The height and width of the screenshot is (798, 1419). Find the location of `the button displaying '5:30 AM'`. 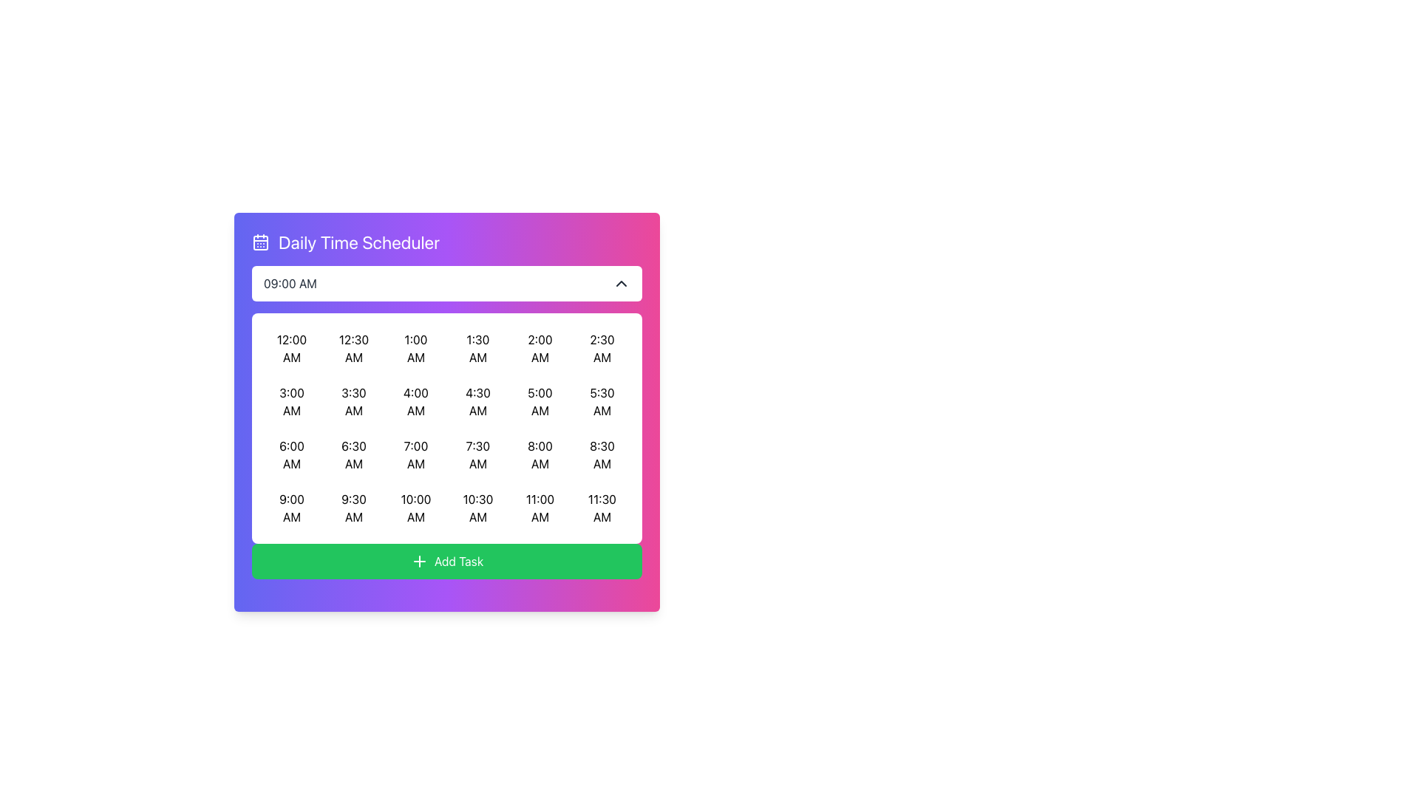

the button displaying '5:30 AM' is located at coordinates (602, 401).